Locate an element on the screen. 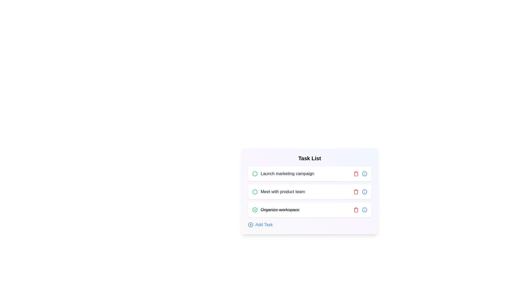 The image size is (511, 287). the delete button of the task 'Organize workspace' is located at coordinates (356, 210).